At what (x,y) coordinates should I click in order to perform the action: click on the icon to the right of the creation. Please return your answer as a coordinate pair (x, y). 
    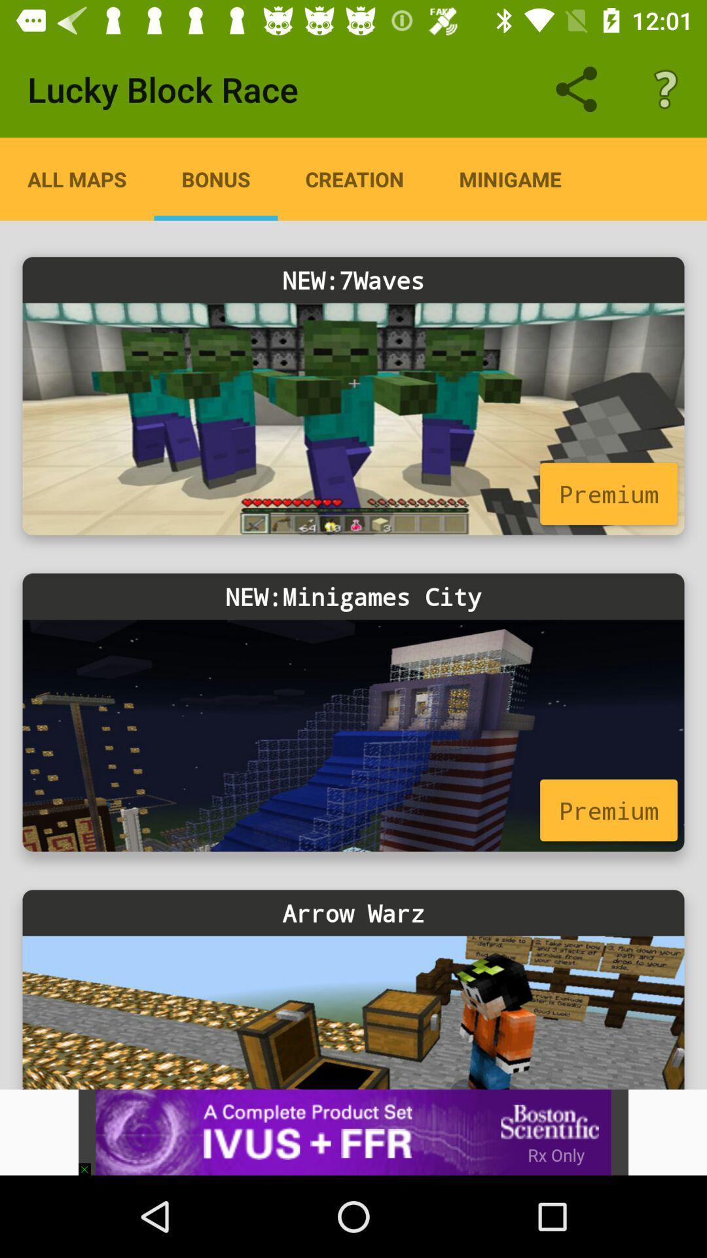
    Looking at the image, I should click on (509, 178).